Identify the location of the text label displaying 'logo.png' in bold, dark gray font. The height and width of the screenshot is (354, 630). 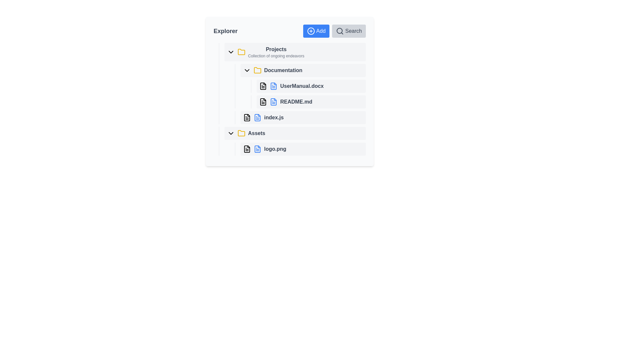
(275, 149).